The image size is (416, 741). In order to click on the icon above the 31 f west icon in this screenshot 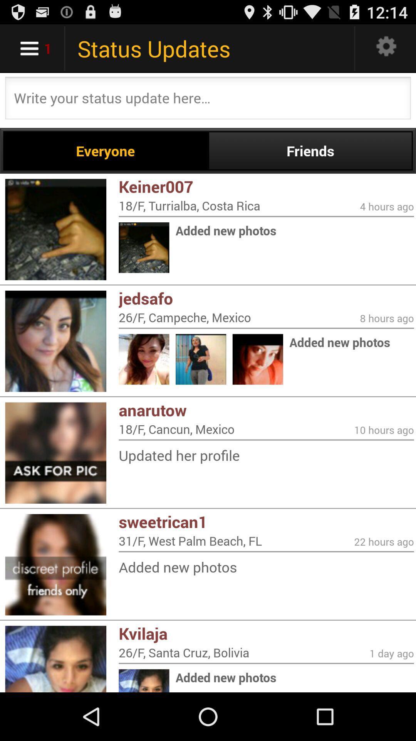, I will do `click(266, 521)`.